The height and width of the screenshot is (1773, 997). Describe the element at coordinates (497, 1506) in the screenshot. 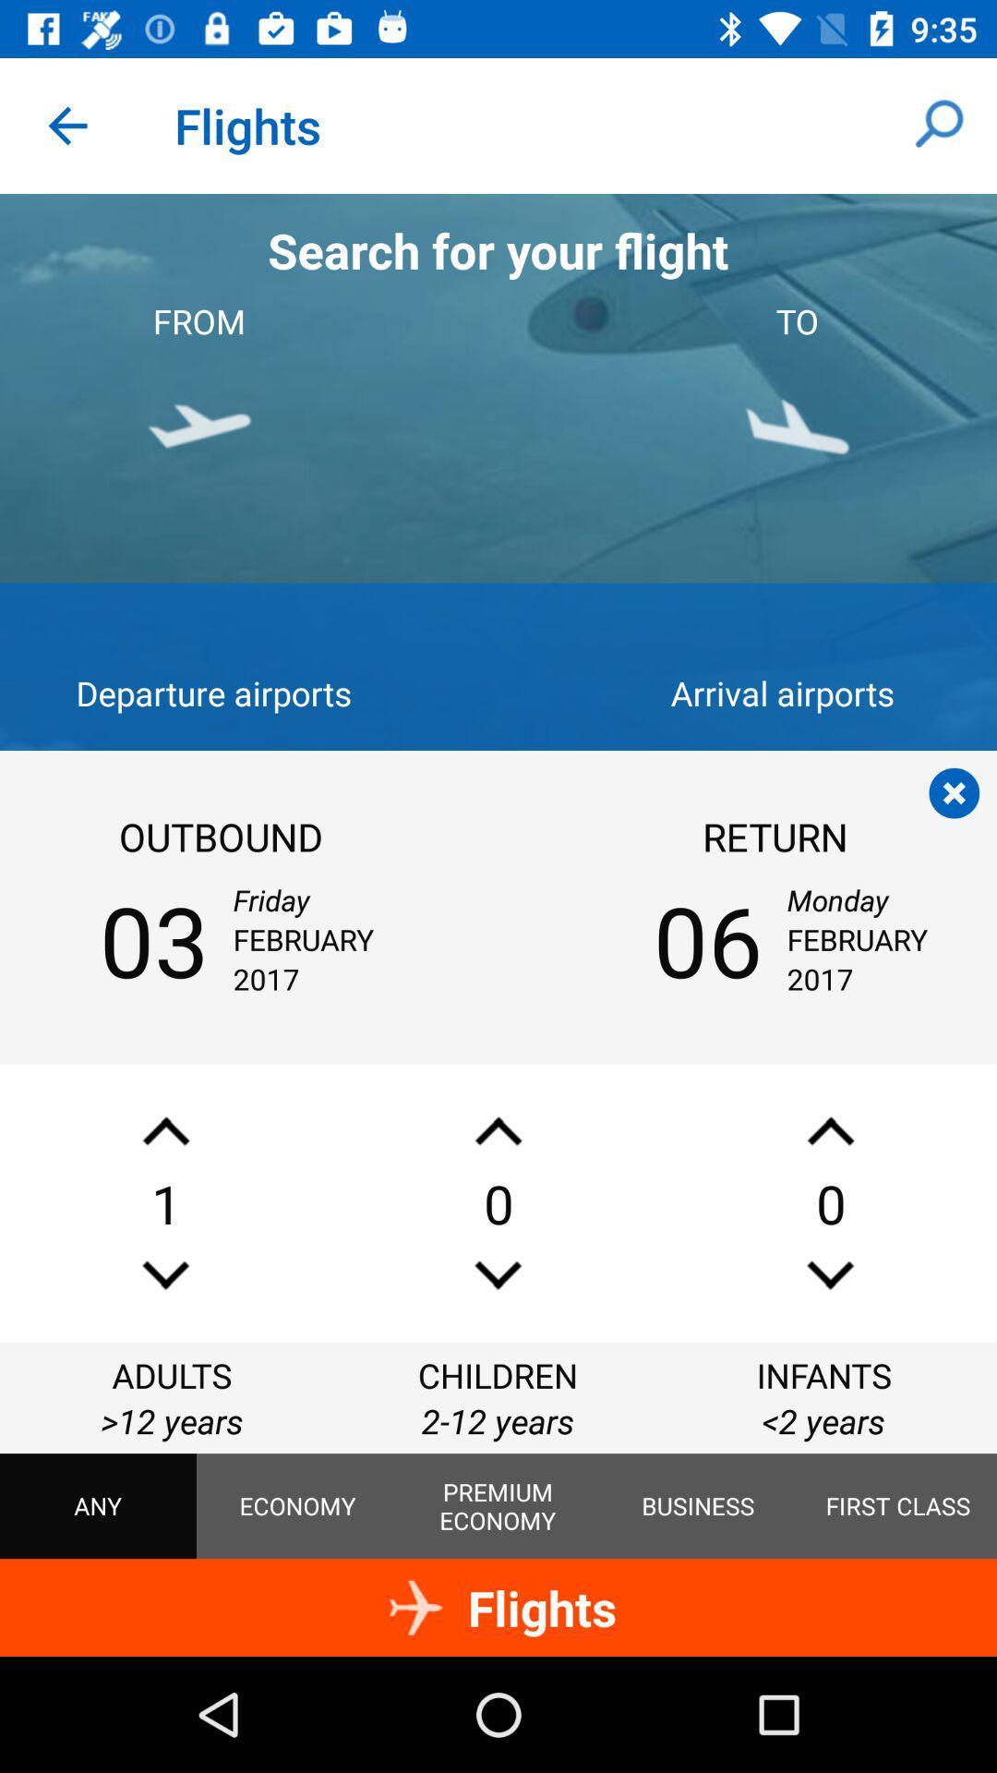

I see `the premium economy item` at that location.